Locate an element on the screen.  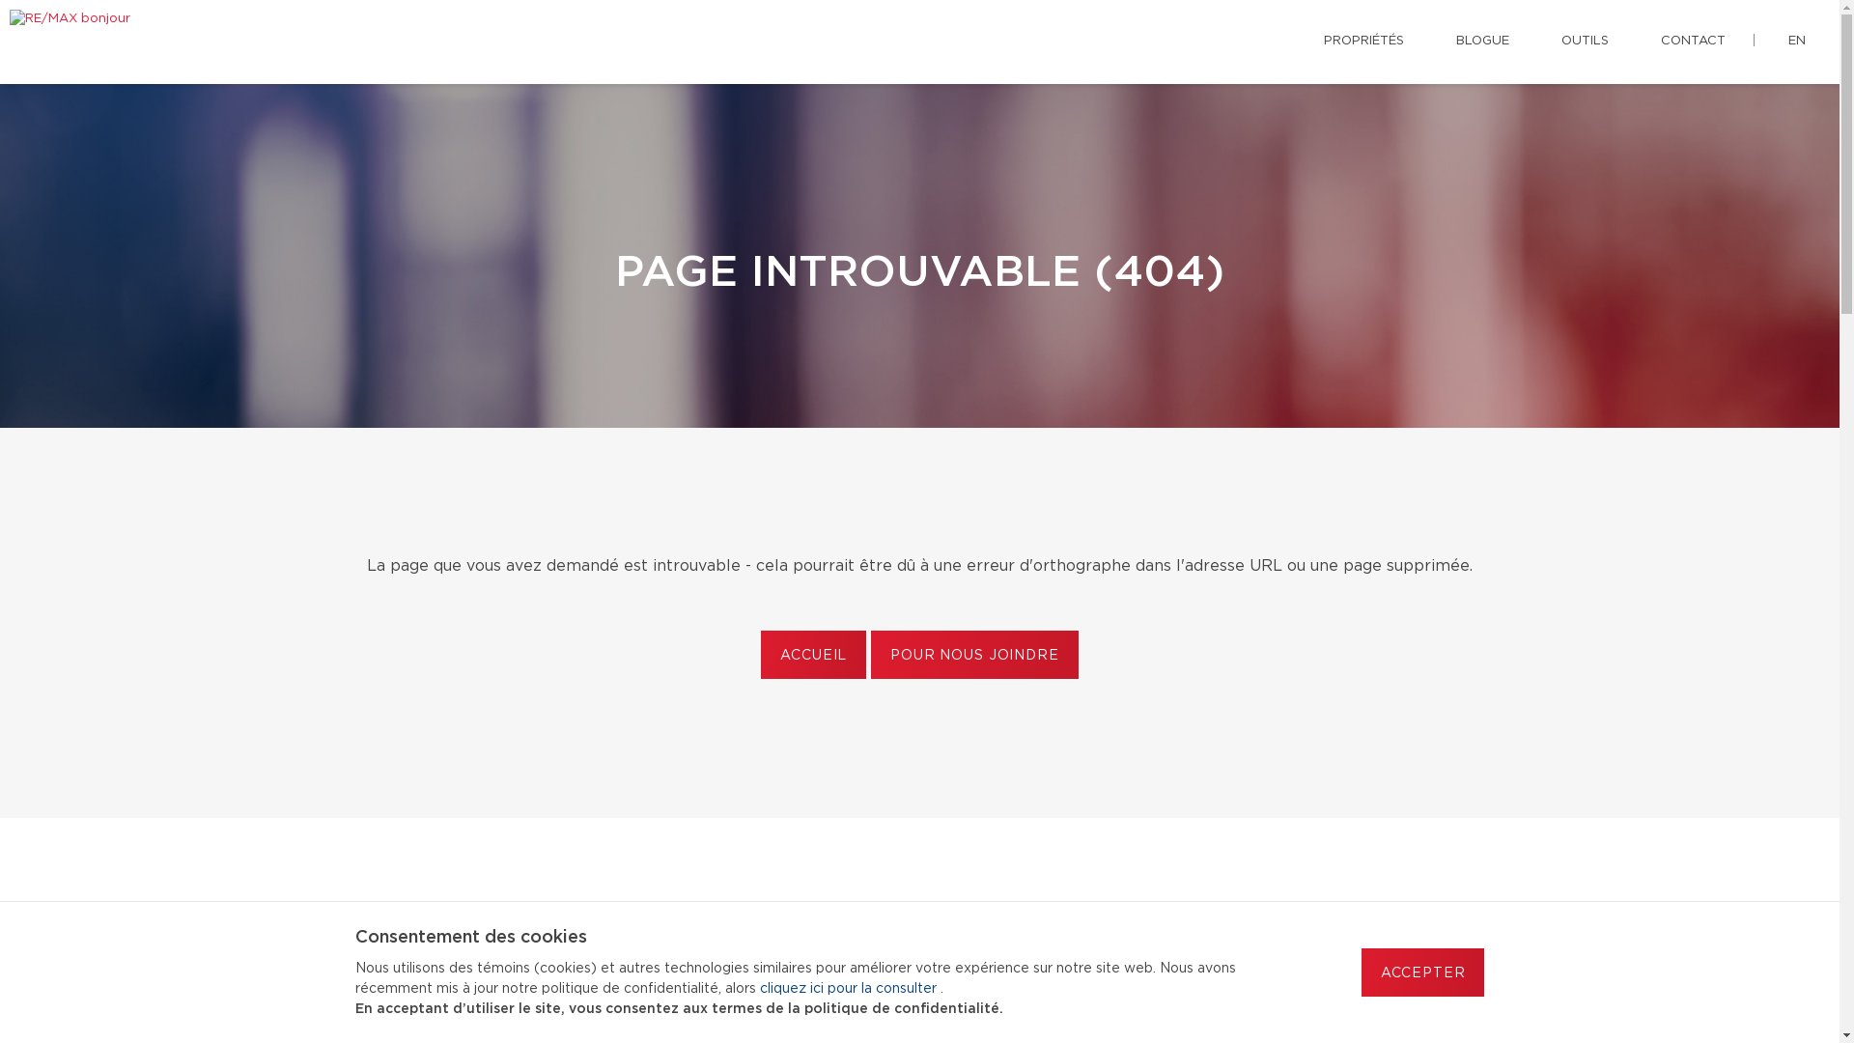
'cliquez ici pour la consulter' is located at coordinates (849, 988).